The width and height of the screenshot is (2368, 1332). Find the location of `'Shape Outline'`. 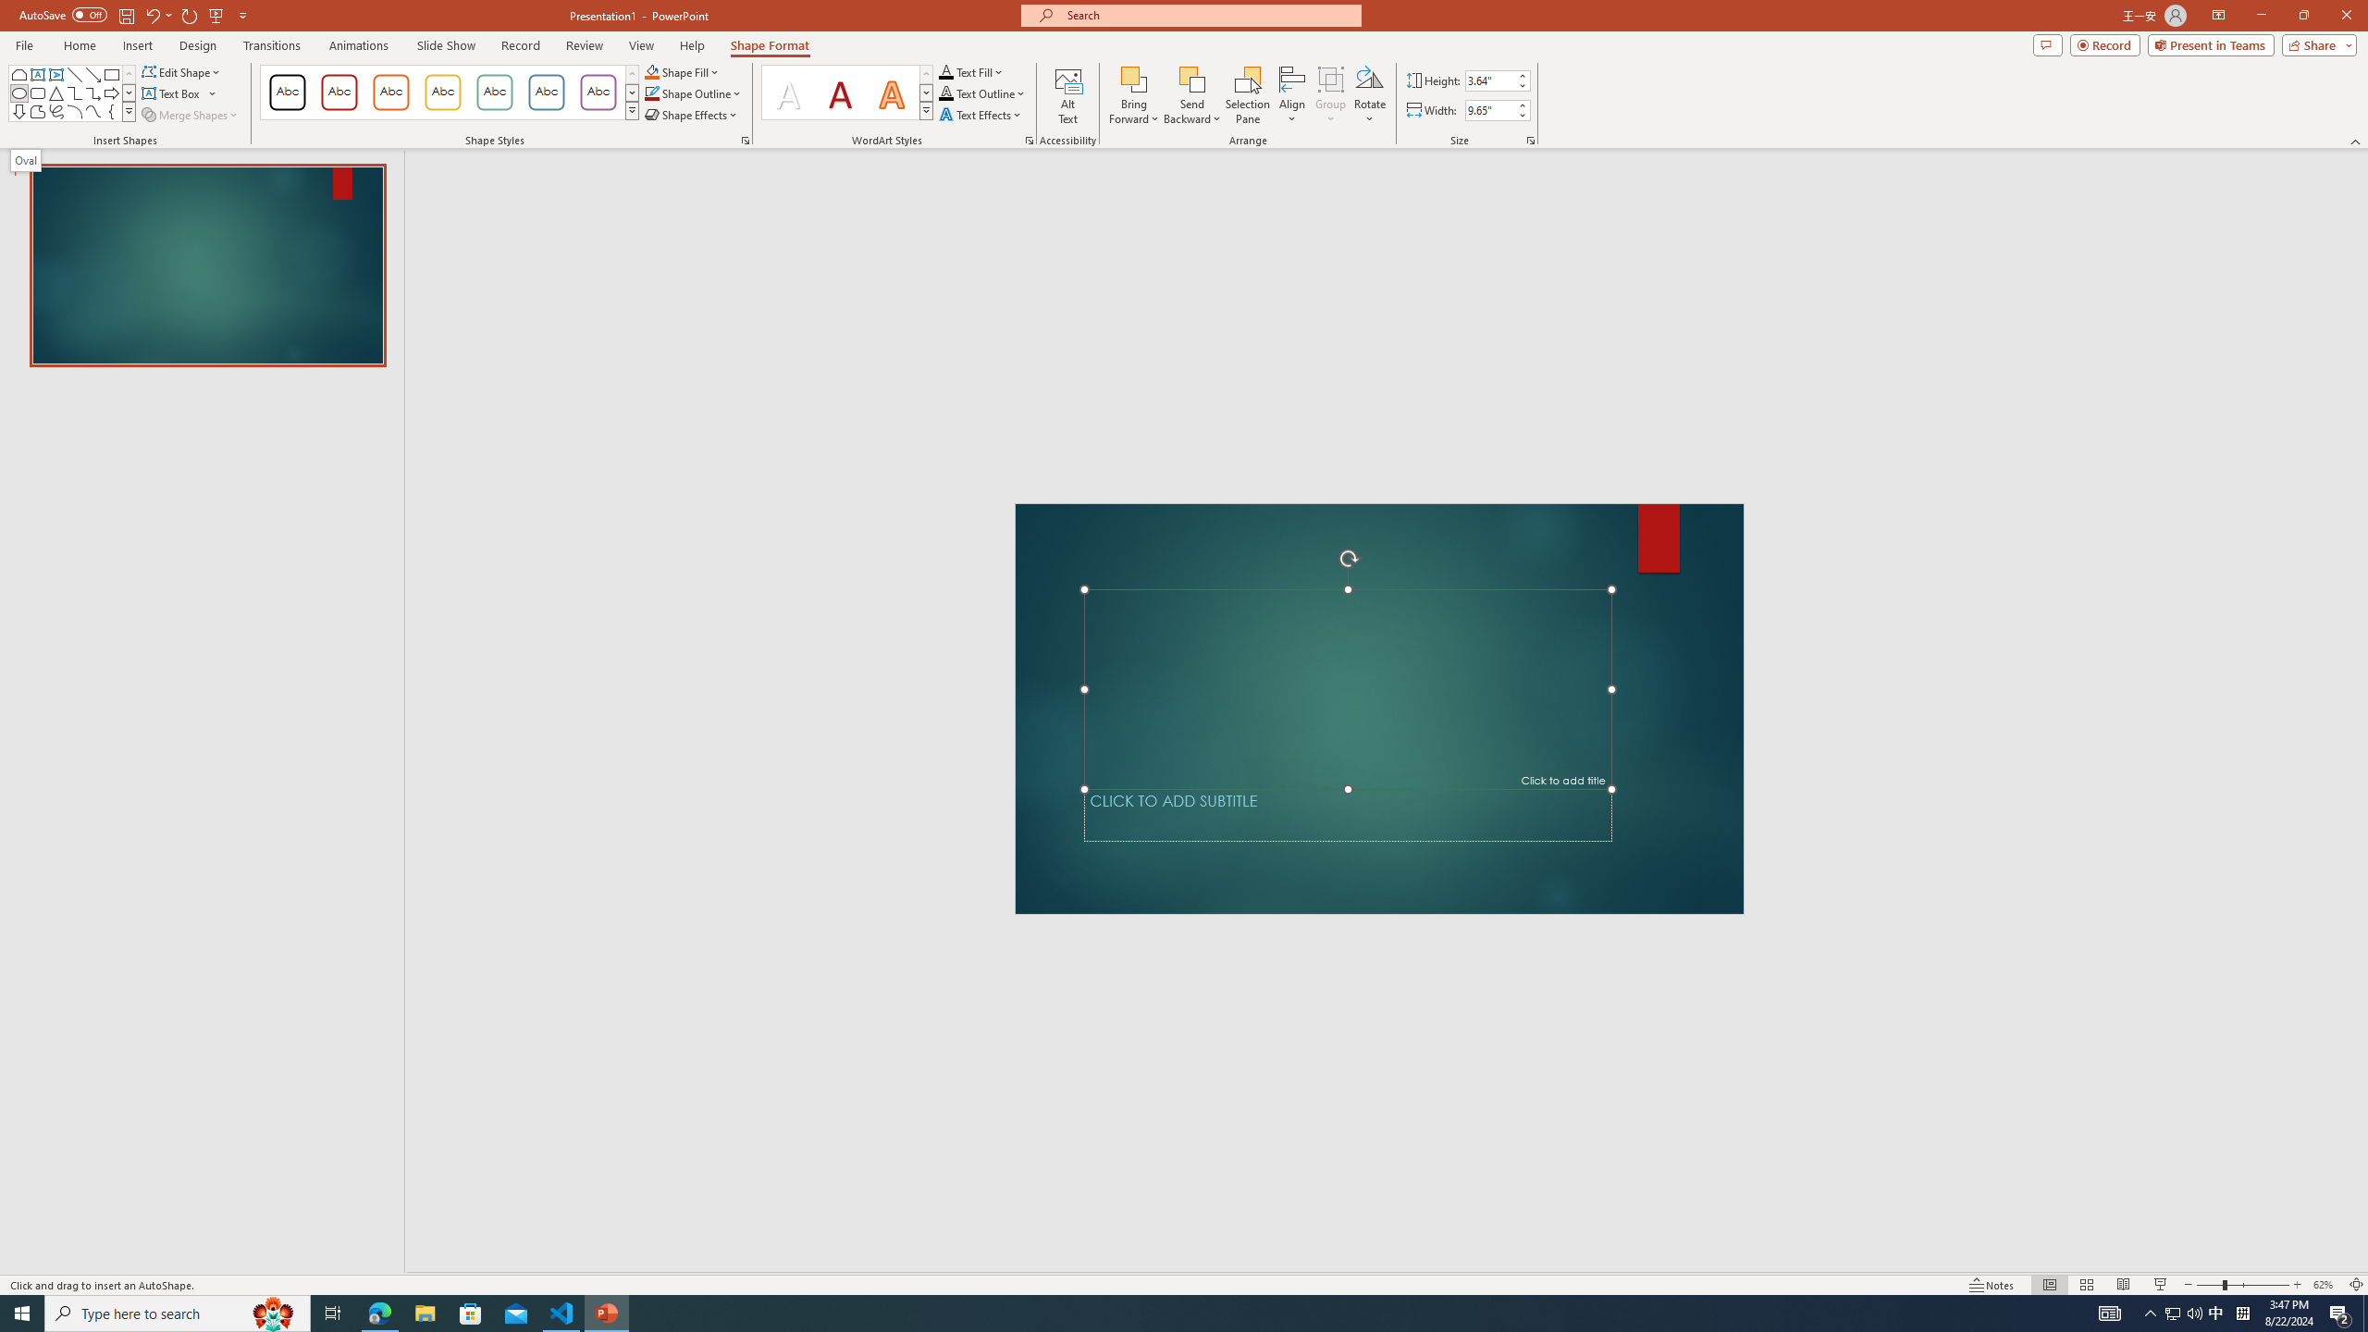

'Shape Outline' is located at coordinates (694, 92).